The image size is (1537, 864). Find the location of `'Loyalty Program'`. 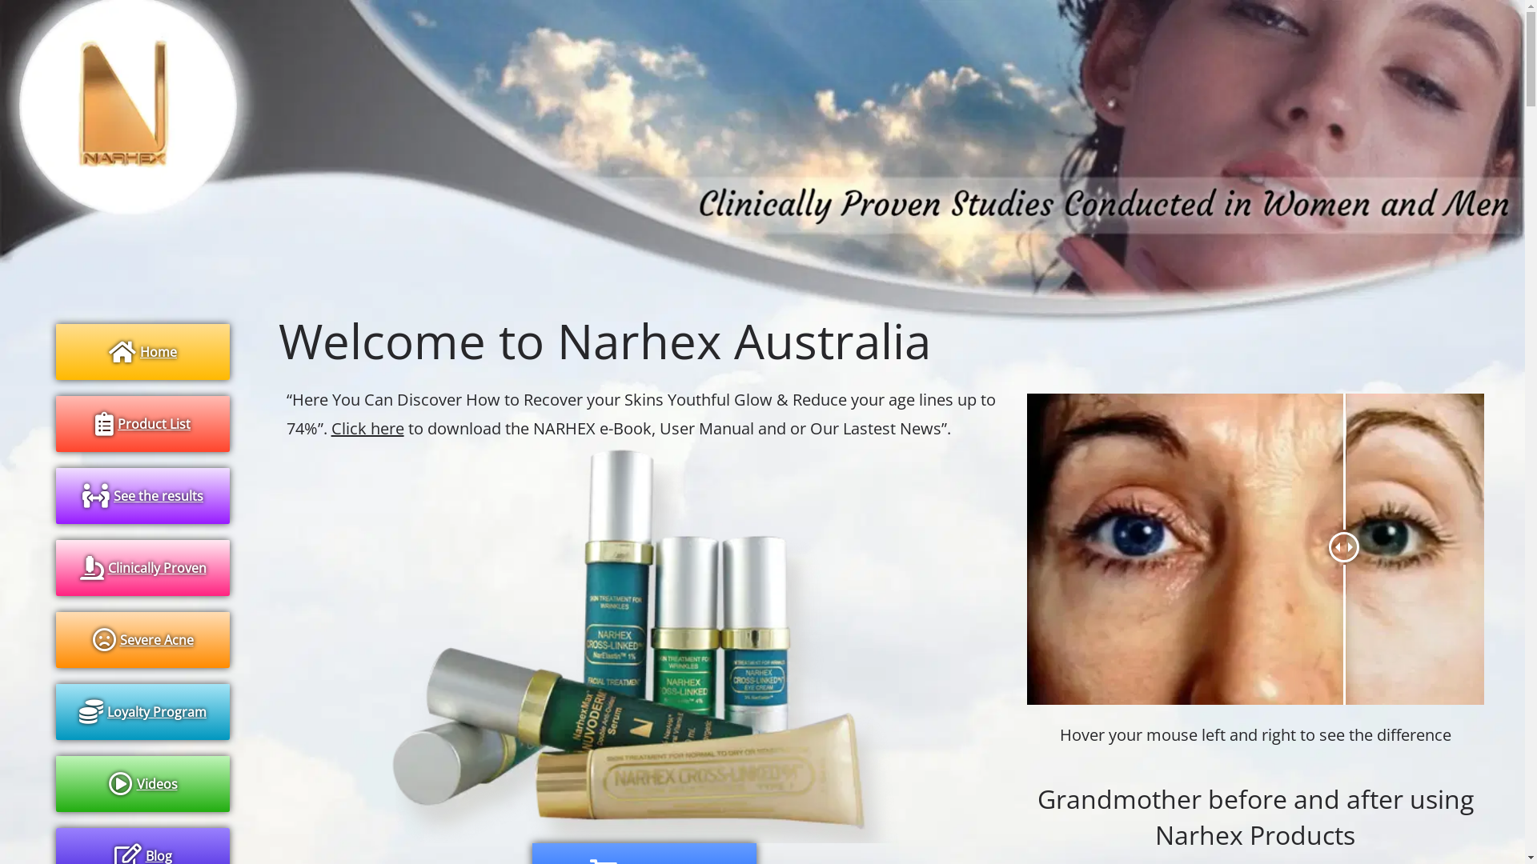

'Loyalty Program' is located at coordinates (56, 711).